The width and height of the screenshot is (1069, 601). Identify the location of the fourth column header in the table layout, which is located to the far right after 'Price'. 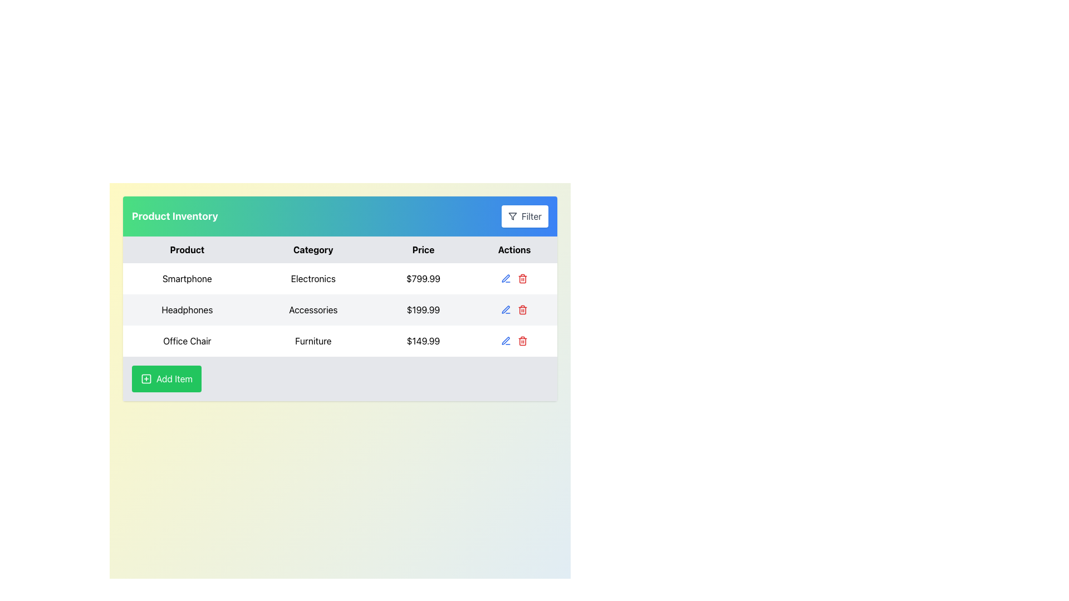
(514, 249).